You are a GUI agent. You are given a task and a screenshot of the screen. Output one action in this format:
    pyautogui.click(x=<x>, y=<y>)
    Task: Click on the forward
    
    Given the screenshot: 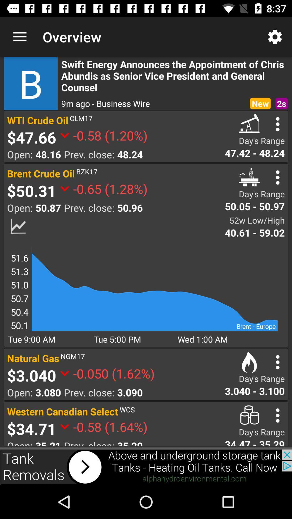 What is the action you would take?
    pyautogui.click(x=146, y=467)
    